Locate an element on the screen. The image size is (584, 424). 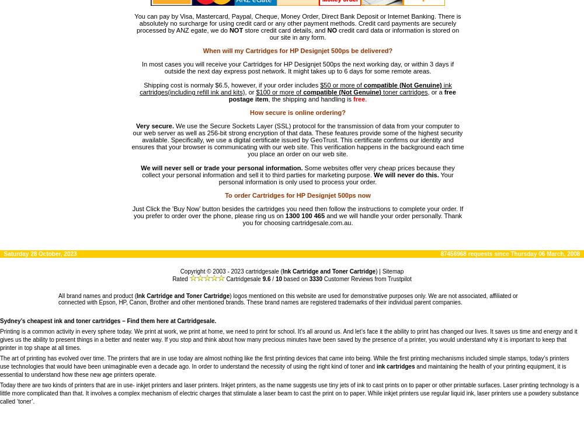
'toner cartridges' is located at coordinates (404, 92).